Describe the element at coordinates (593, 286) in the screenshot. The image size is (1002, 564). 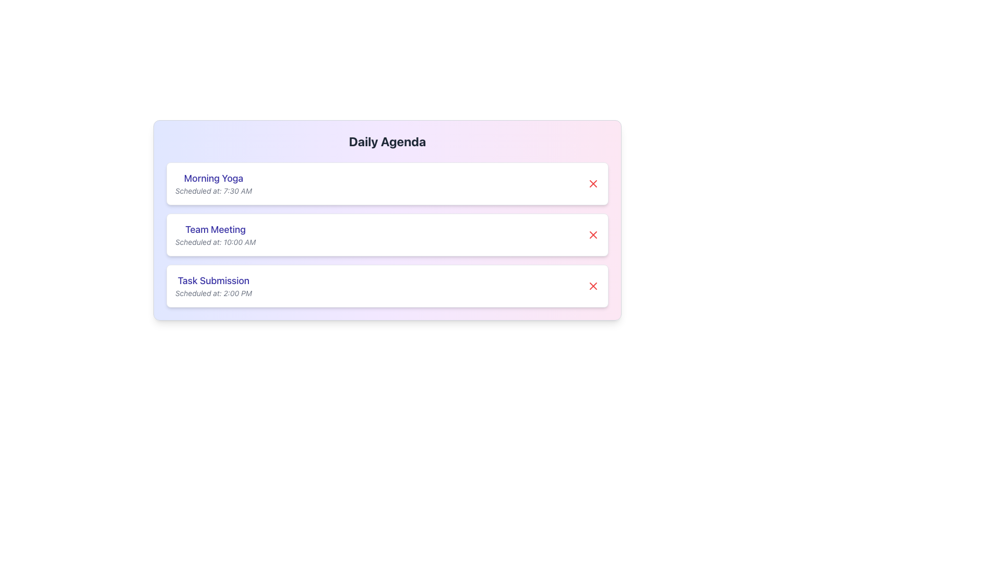
I see `the red cross icon button within the 'Daily Agenda' interface` at that location.